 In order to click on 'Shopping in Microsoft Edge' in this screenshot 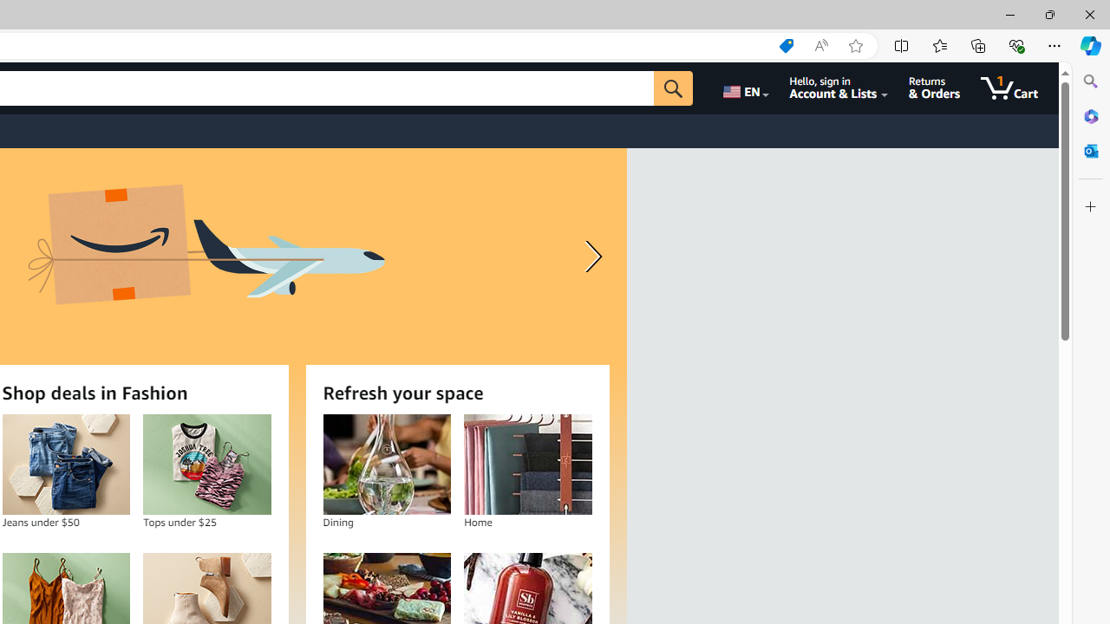, I will do `click(785, 45)`.